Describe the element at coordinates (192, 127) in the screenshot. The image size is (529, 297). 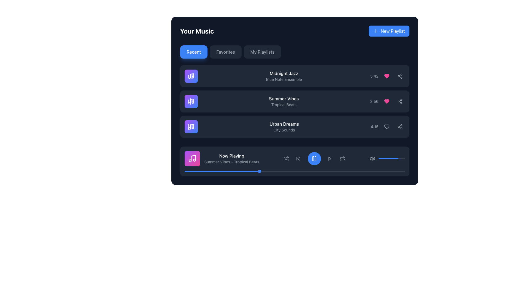
I see `the third vertical rectangle in a sequence of four similar rectangles, which serves as a decorative or dynamic visual indicator` at that location.